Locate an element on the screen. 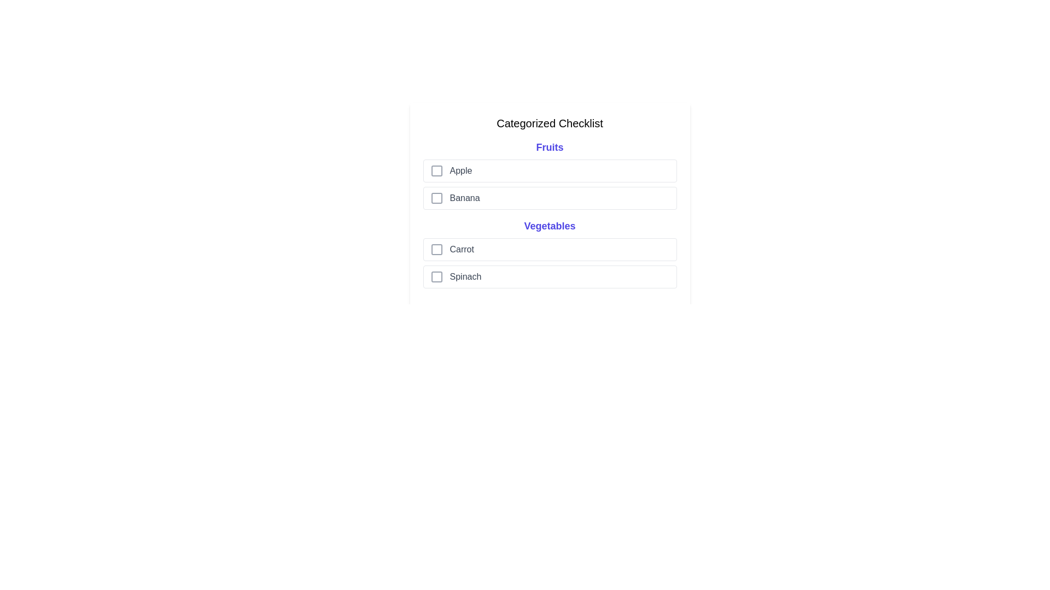  the Checkbox indicator (inner element) for the 'Carrot' in the 'Vegetables' section of the checklist by moving the cursor to its center point is located at coordinates (436, 249).